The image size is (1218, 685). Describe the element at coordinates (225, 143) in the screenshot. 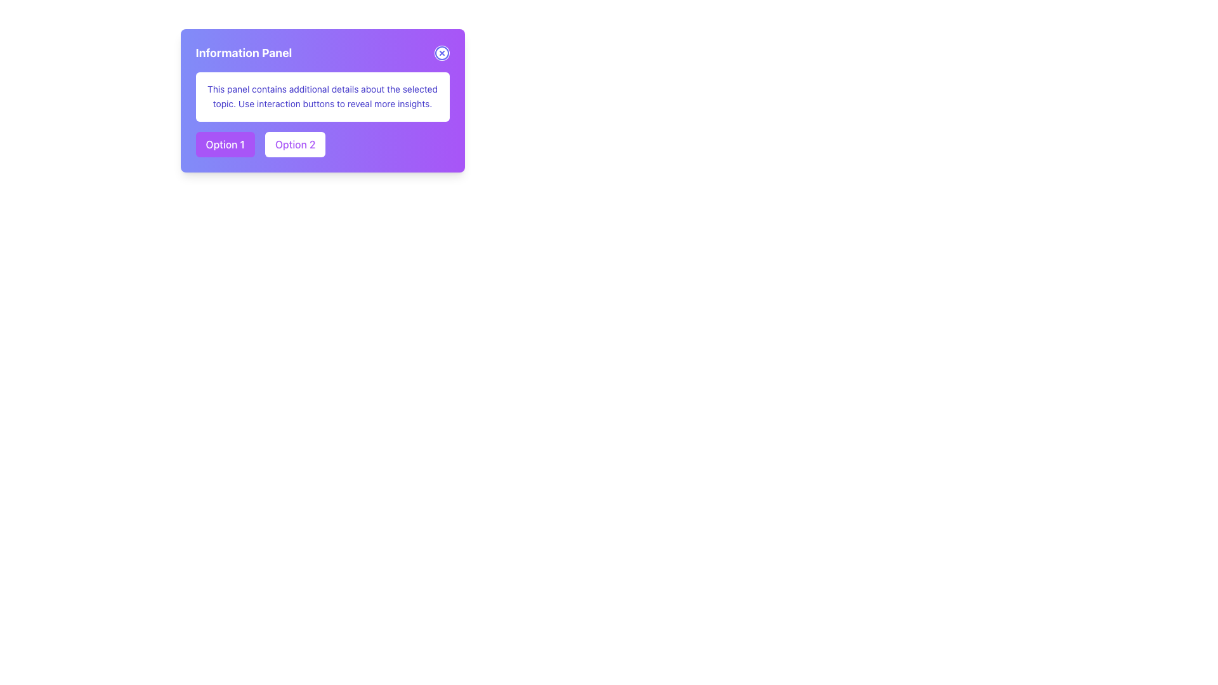

I see `the first button labeled 'Option 1' located within the purple panel titled 'Information Panel'` at that location.